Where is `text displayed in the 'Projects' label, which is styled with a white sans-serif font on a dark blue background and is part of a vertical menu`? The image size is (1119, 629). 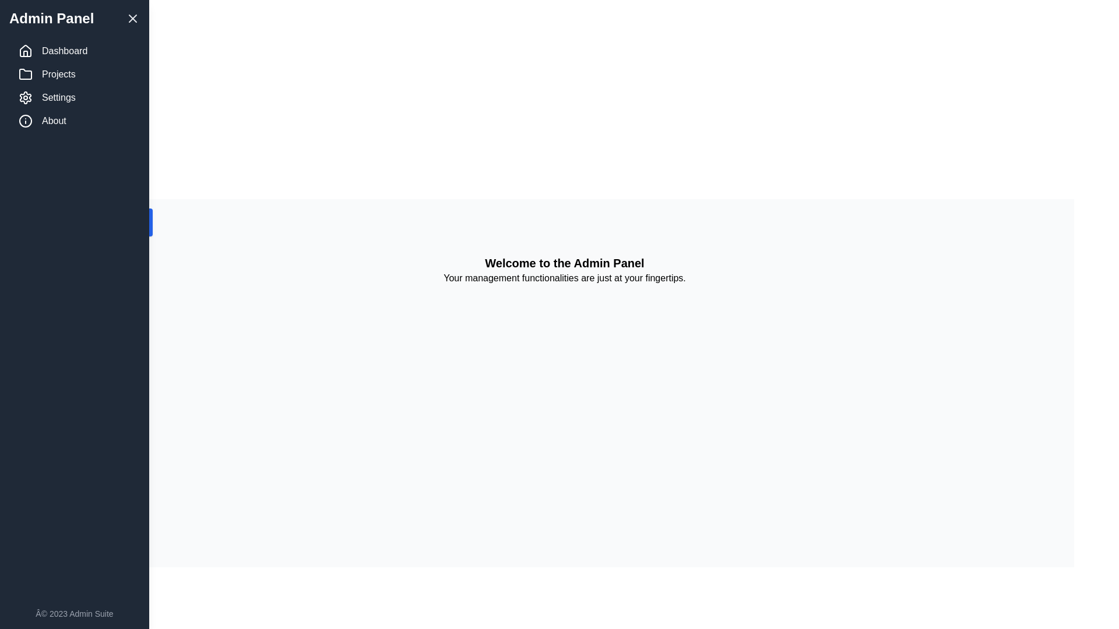 text displayed in the 'Projects' label, which is styled with a white sans-serif font on a dark blue background and is part of a vertical menu is located at coordinates (58, 74).